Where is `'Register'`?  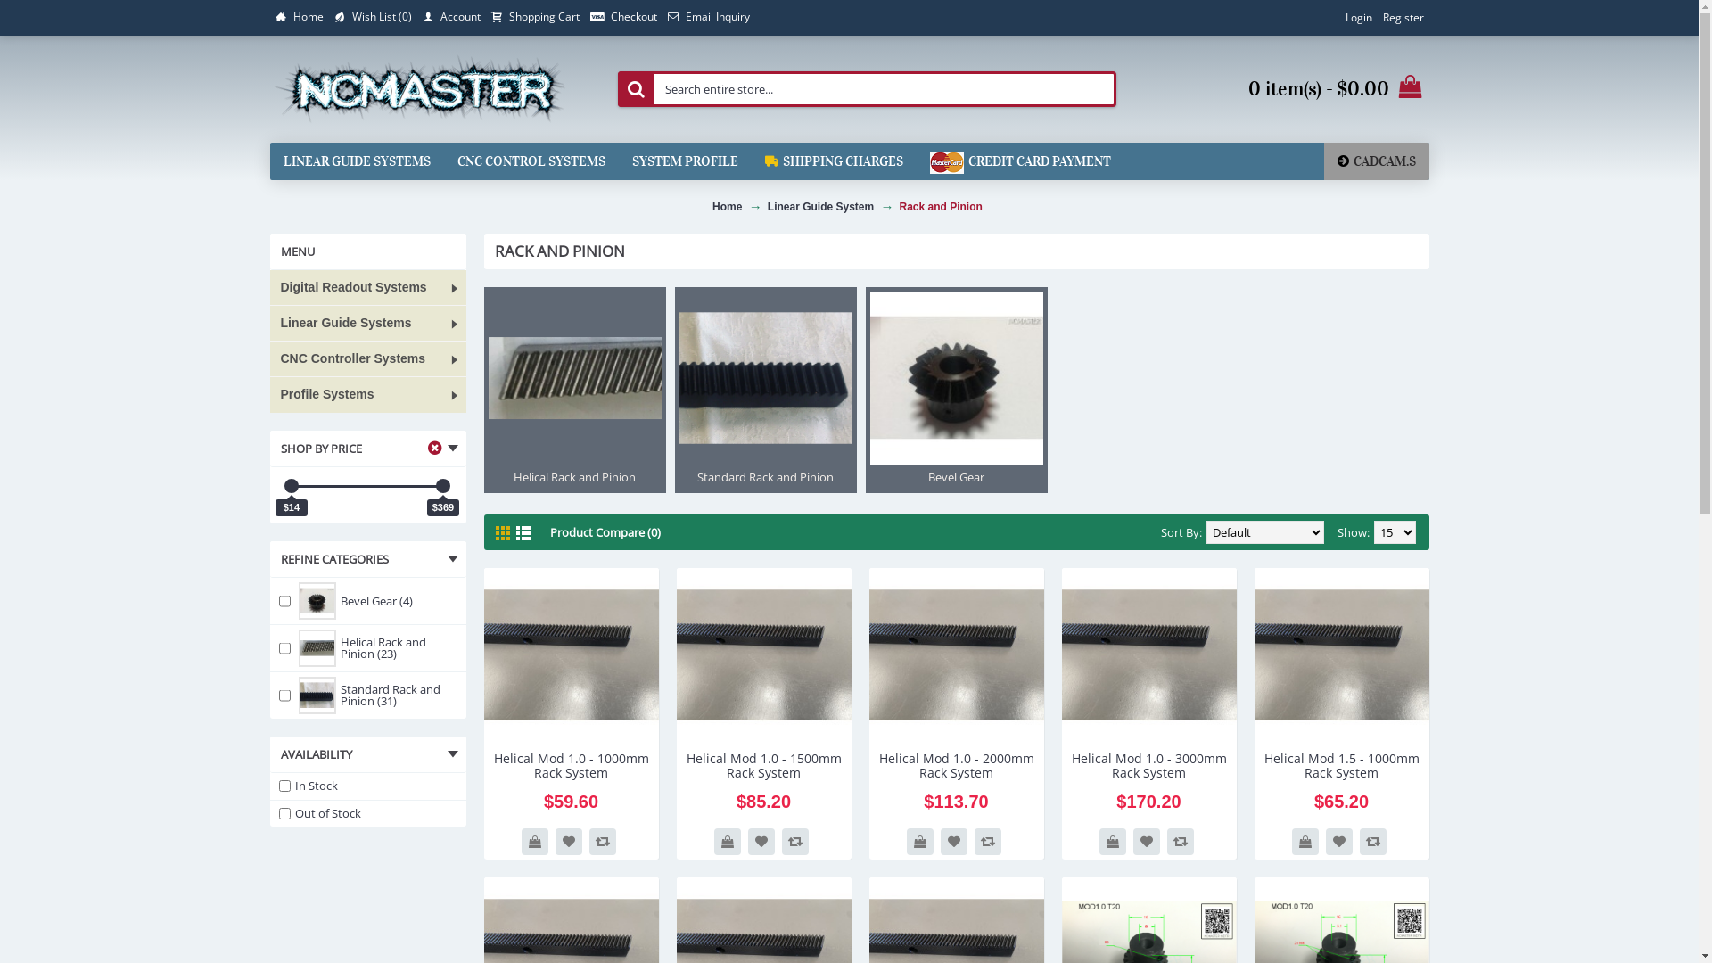
'Register' is located at coordinates (1402, 17).